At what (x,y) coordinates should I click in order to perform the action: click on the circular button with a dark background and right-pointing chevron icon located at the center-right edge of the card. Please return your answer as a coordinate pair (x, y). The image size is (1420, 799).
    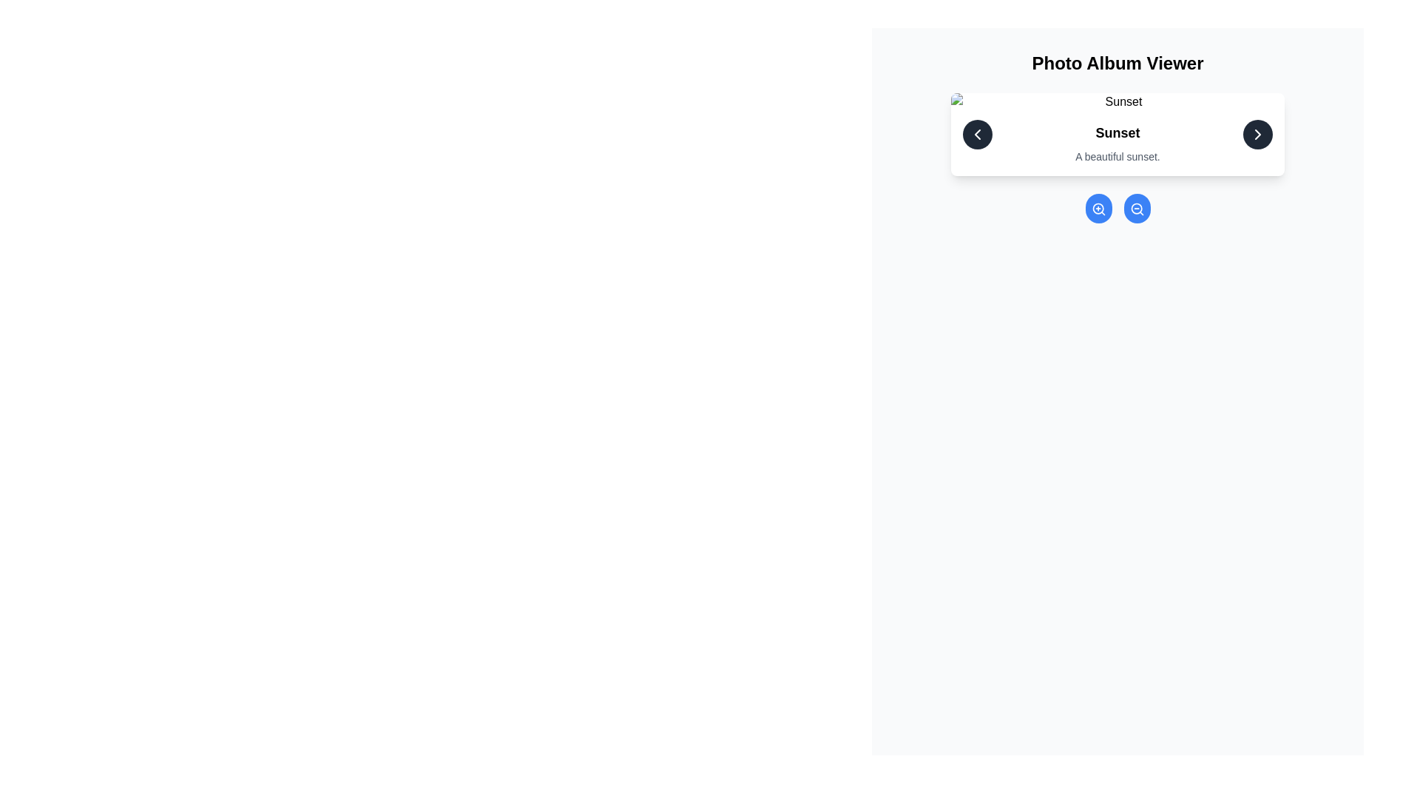
    Looking at the image, I should click on (1257, 134).